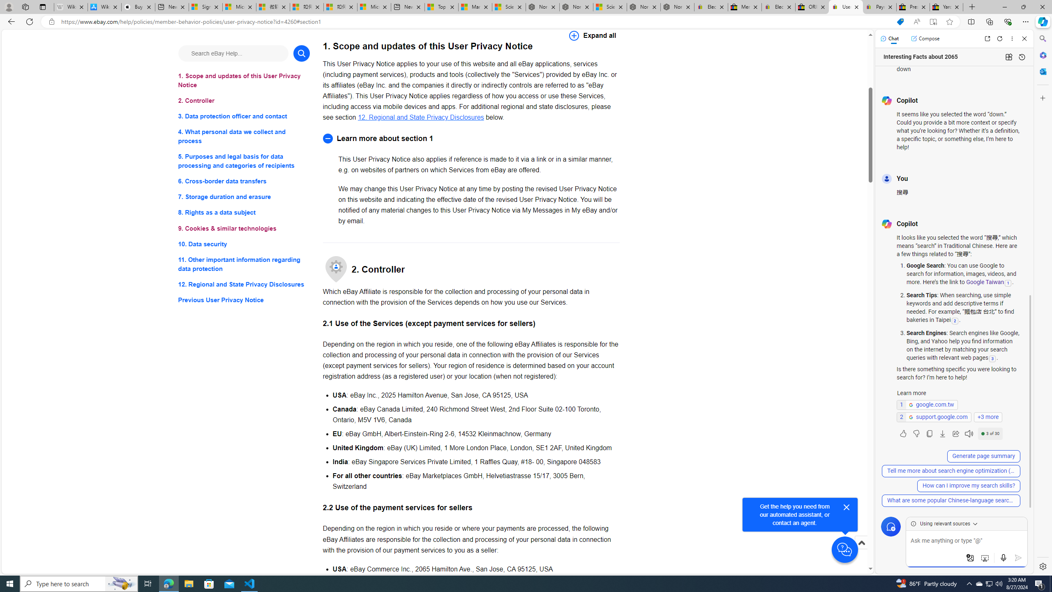 The image size is (1052, 592). I want to click on '4. What personal data we collect and process', so click(243, 136).